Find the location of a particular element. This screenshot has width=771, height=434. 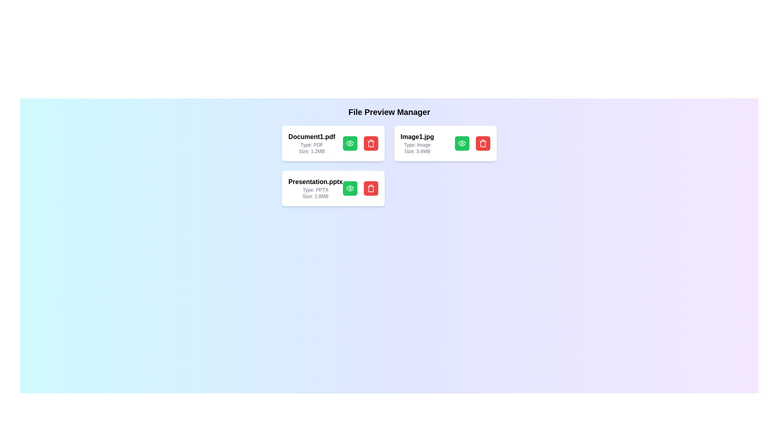

the text label within the central card of the 'File Preview Manager' is located at coordinates (417, 143).